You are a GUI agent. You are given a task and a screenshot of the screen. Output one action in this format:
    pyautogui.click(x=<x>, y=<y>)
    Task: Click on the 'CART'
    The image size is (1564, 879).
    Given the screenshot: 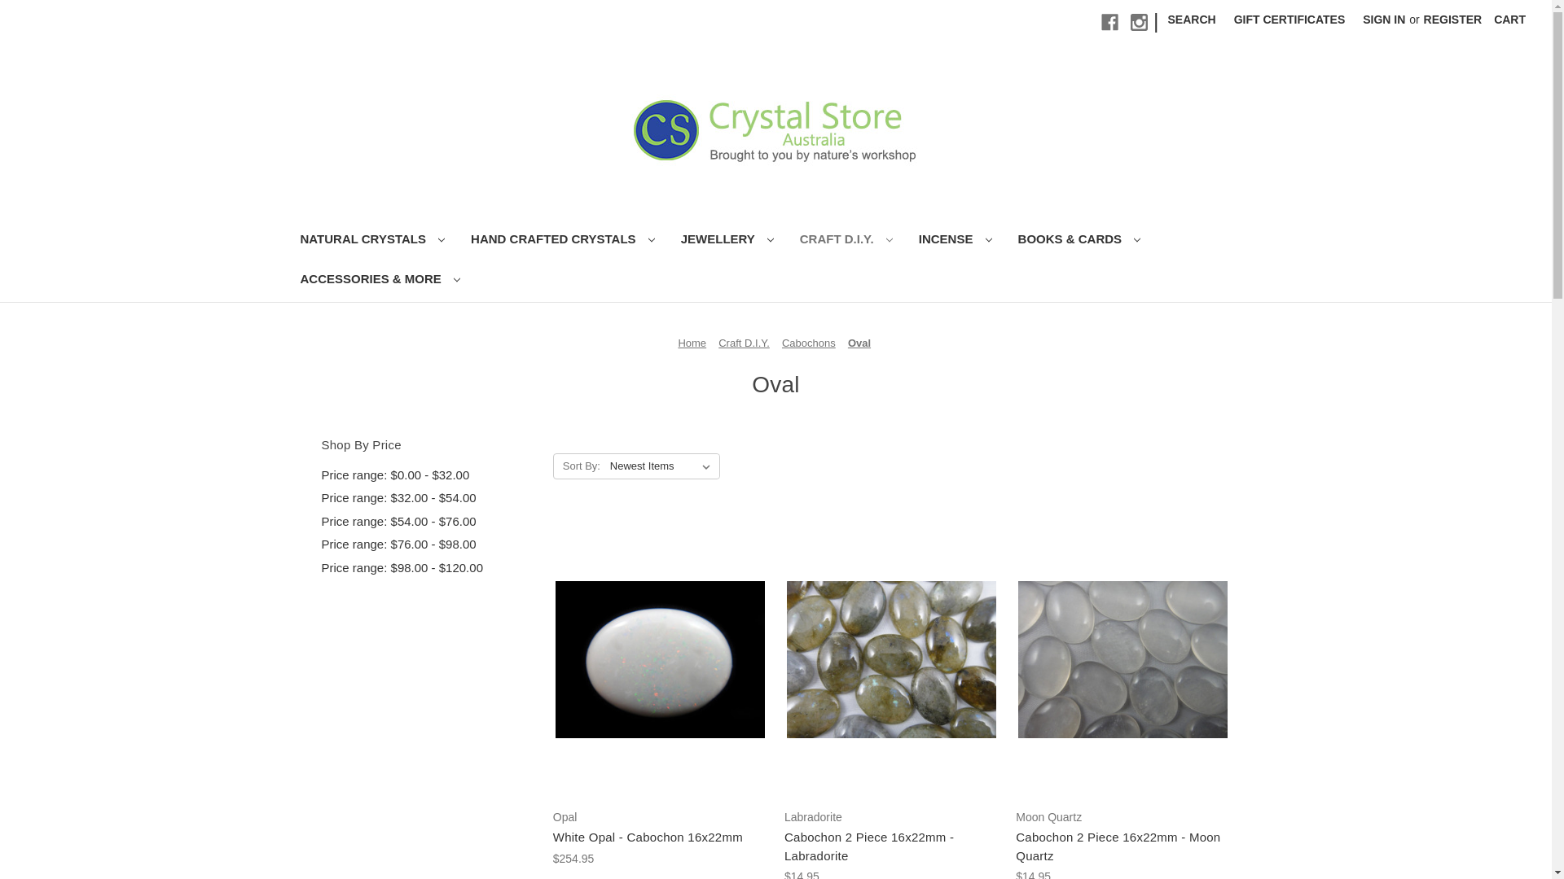 What is the action you would take?
    pyautogui.click(x=1509, y=20)
    